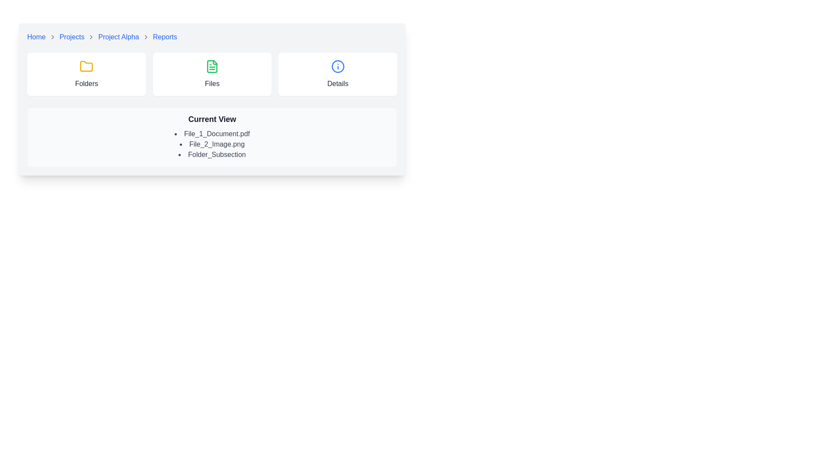 The image size is (830, 467). Describe the element at coordinates (36, 36) in the screenshot. I see `the 'Home' text link in the breadcrumb navigation` at that location.